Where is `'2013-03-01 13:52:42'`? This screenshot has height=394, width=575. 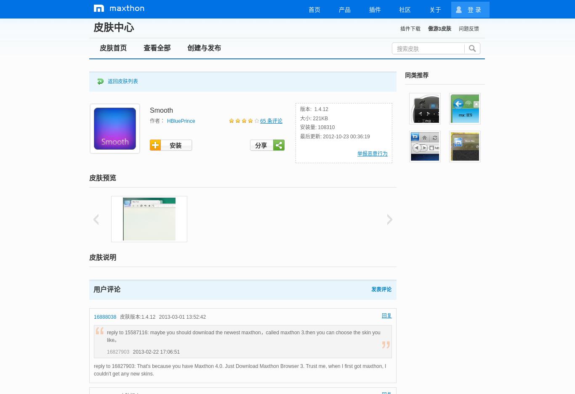
'2013-03-01 13:52:42' is located at coordinates (182, 316).